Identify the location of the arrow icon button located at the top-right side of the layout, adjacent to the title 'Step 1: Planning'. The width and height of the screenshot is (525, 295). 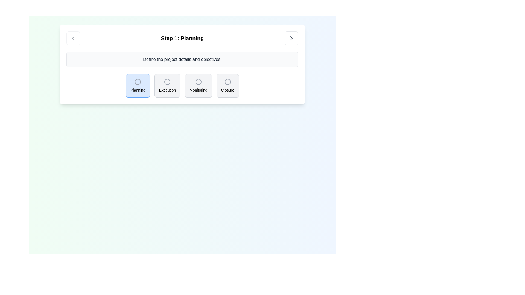
(291, 38).